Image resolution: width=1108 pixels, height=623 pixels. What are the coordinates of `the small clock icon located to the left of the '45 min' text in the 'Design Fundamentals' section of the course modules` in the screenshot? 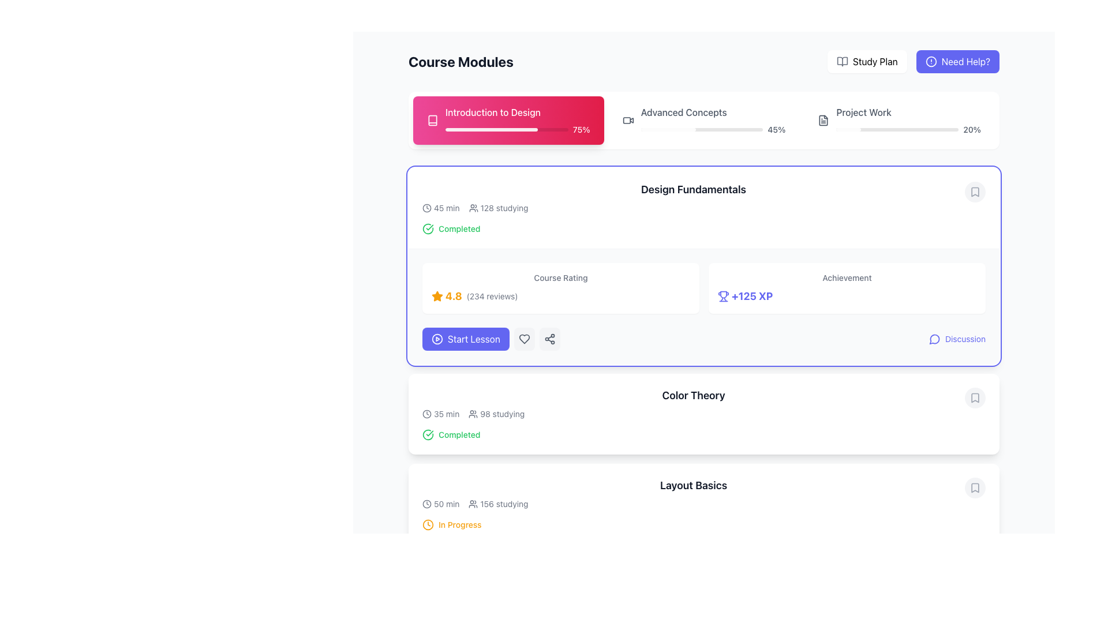 It's located at (426, 208).